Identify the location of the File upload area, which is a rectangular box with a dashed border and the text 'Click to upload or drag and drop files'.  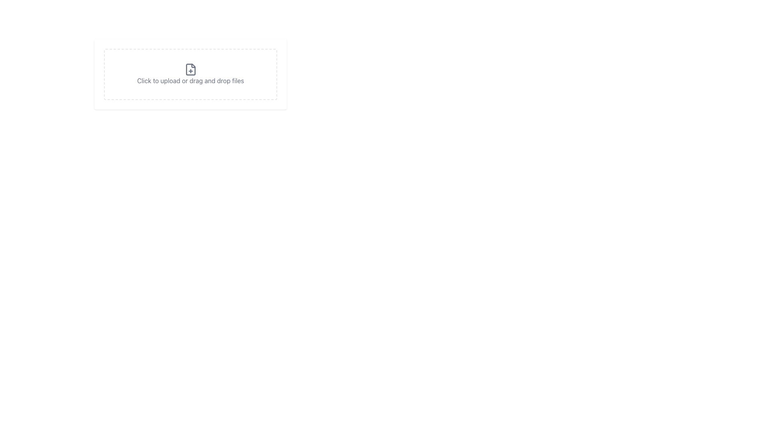
(190, 74).